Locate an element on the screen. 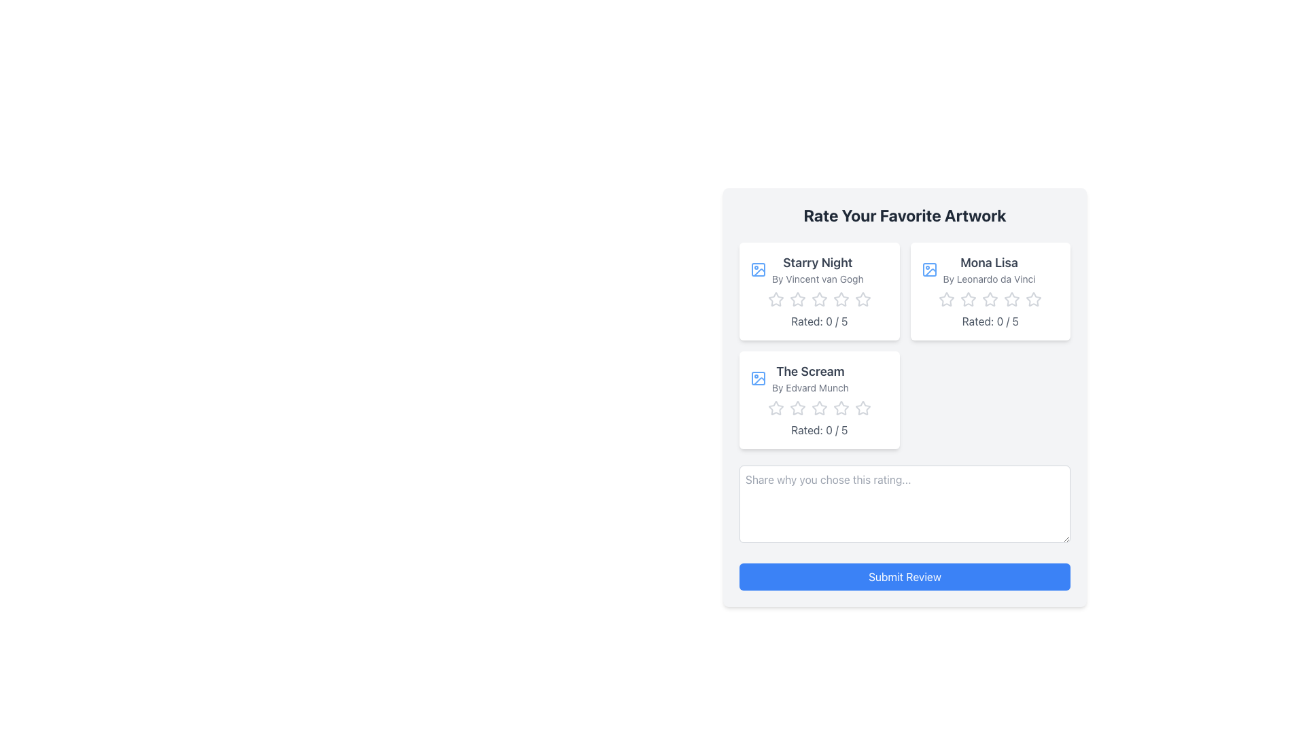  the rectangular blue button labeled 'Submit Review' located at the bottom of the 'Rate Your Favorite Artwork' section is located at coordinates (905, 576).